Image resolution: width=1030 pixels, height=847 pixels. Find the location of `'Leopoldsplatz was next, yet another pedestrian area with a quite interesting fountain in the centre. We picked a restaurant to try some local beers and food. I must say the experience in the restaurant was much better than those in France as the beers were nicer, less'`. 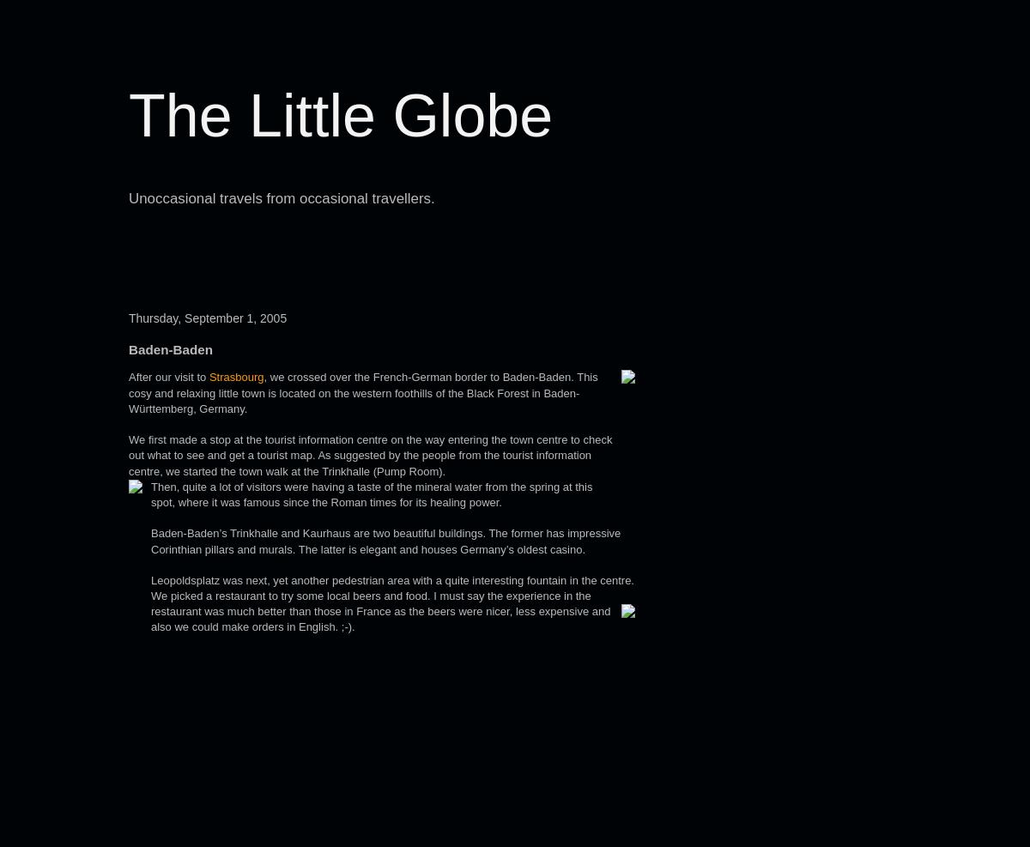

'Leopoldsplatz was next, yet another pedestrian area with a quite interesting fountain in the centre. We picked a restaurant to try some local beers and food. I must say the experience in the restaurant was much better than those in France as the beers were nicer, less' is located at coordinates (391, 595).